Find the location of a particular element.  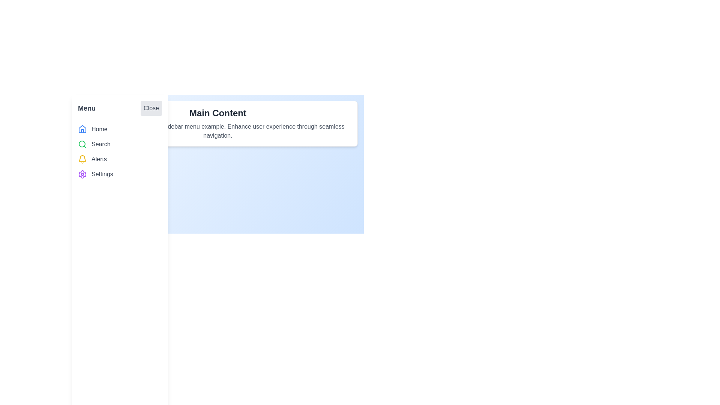

text label displaying the word 'Search', which is located in the left sidebar, below the 'Home' menu item and above the 'Alerts' menu item, next to a green circular icon resembling a magnifying glass is located at coordinates (100, 144).